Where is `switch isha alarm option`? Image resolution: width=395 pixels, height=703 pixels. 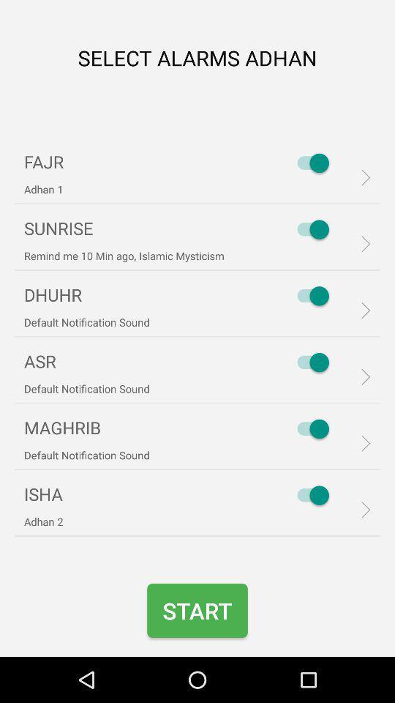
switch isha alarm option is located at coordinates (309, 495).